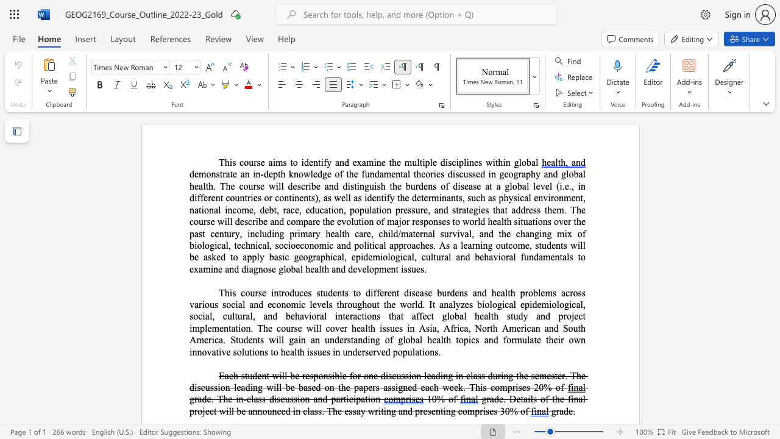 The width and height of the screenshot is (780, 439). I want to click on the 7th character "a" in the text, so click(250, 304).